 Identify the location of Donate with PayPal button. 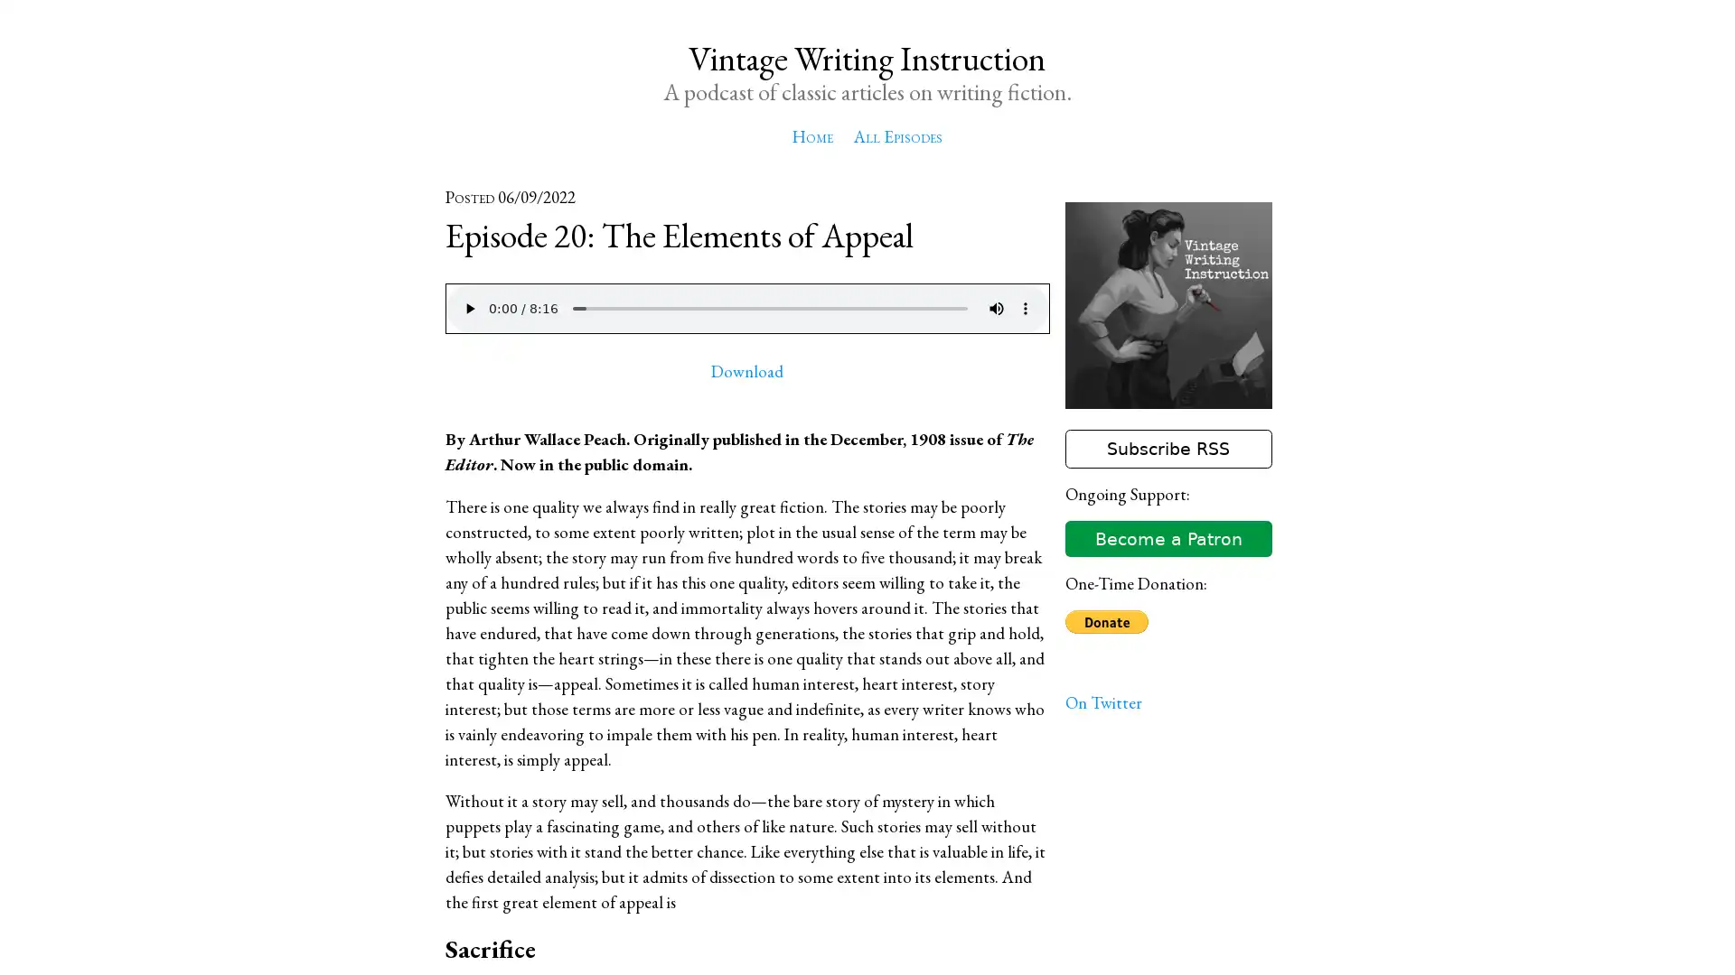
(1105, 621).